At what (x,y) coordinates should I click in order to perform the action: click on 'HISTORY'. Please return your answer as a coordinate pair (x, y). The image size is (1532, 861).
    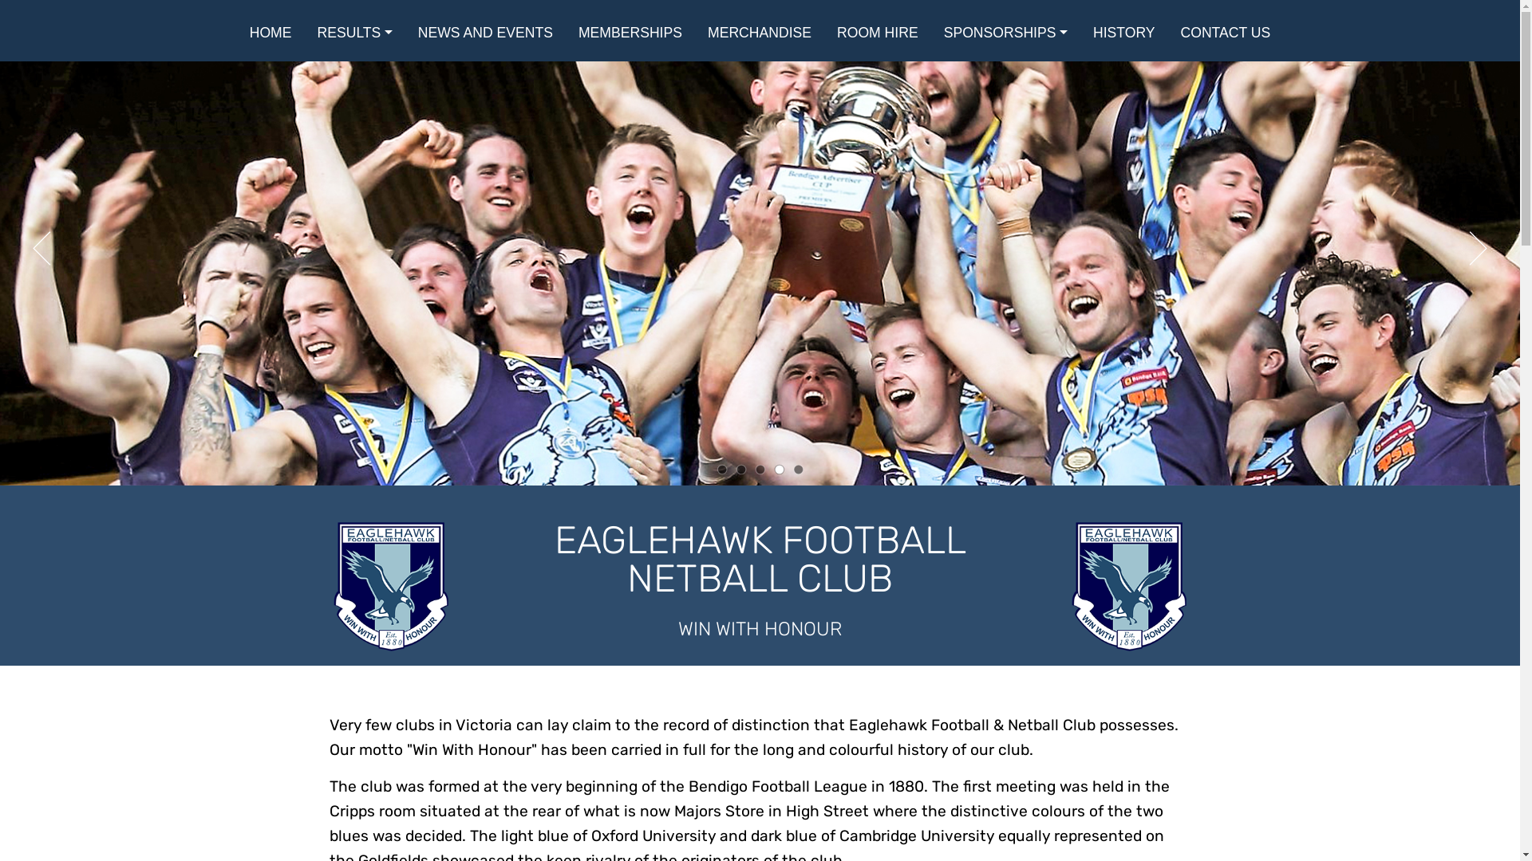
    Looking at the image, I should click on (1123, 33).